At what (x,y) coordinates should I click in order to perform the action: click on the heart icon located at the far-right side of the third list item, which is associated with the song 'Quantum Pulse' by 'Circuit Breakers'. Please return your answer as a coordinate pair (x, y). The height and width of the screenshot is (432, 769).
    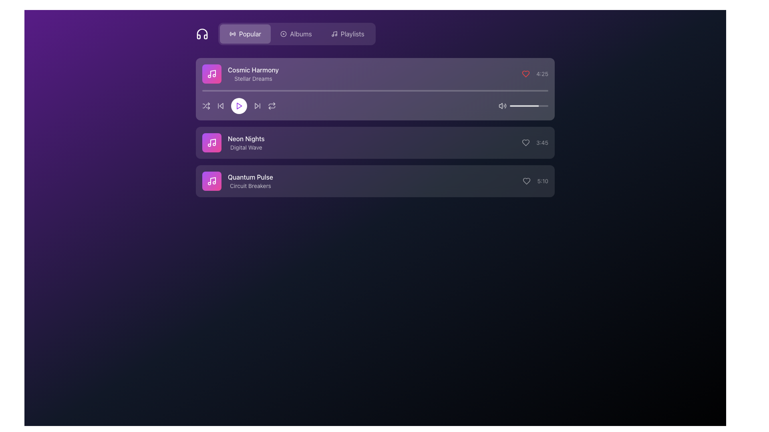
    Looking at the image, I should click on (535, 181).